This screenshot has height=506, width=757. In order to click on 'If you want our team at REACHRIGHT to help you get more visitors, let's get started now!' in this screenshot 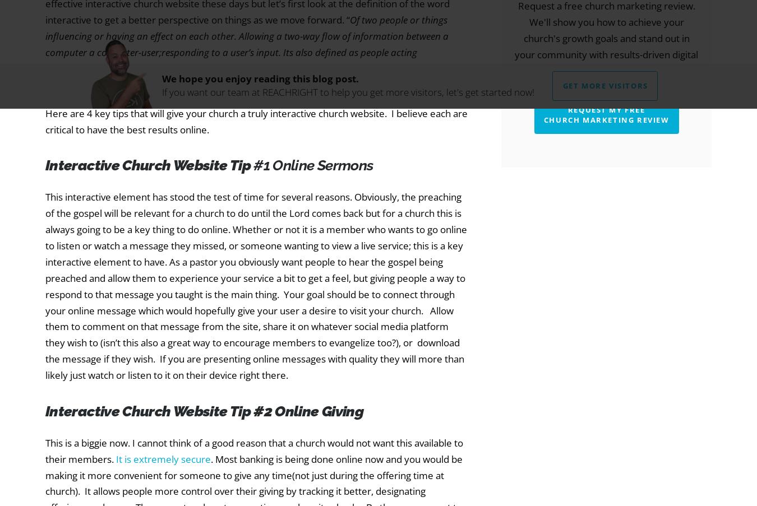, I will do `click(161, 91)`.